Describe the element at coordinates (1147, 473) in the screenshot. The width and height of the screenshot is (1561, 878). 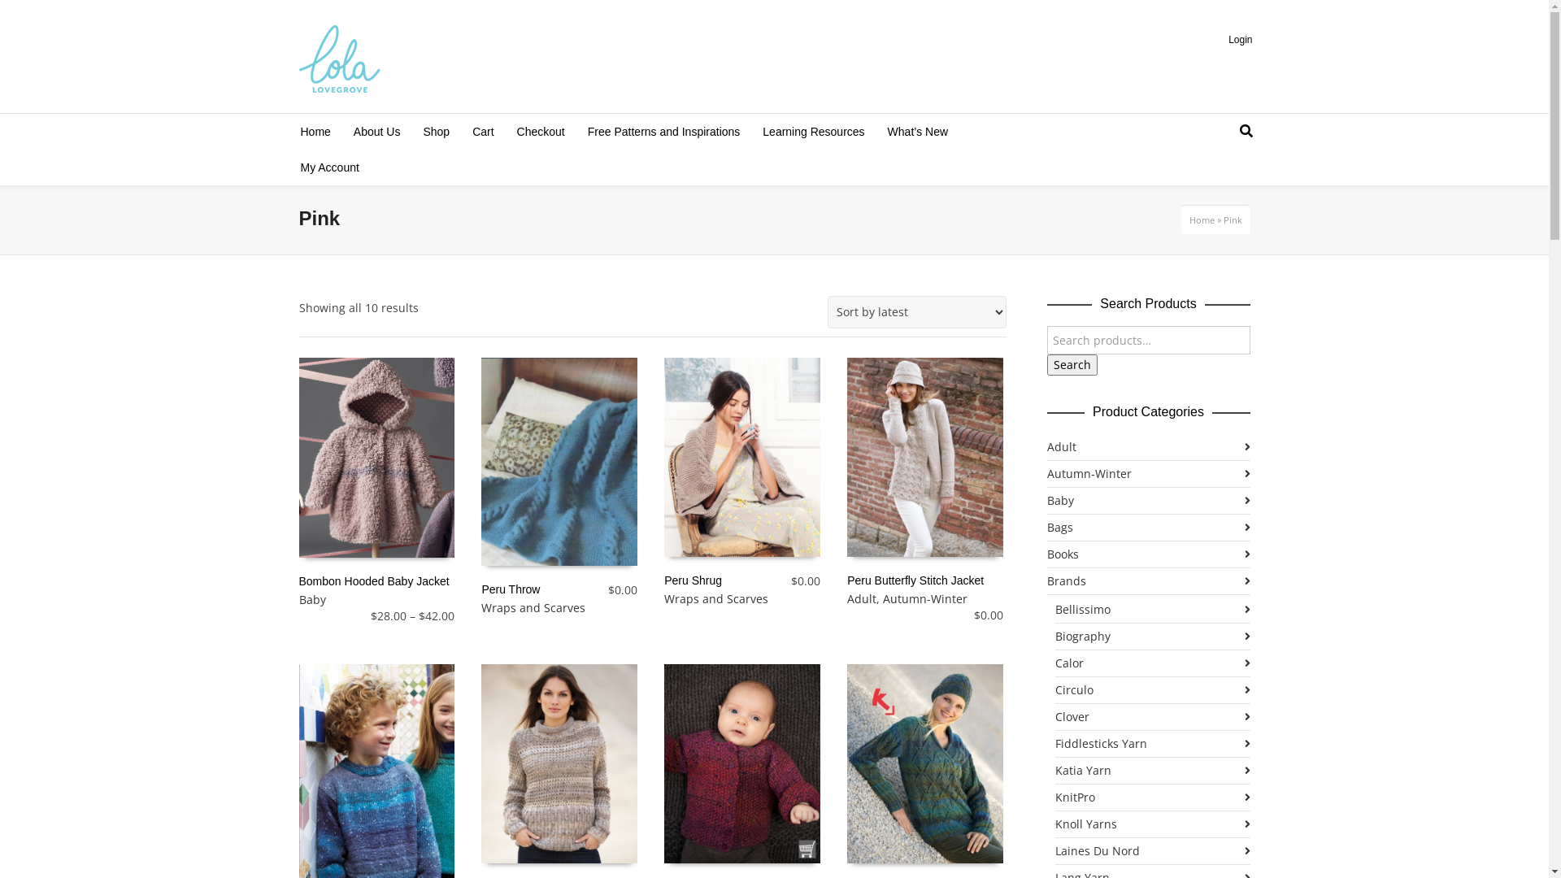
I see `'Autumn-Winter'` at that location.